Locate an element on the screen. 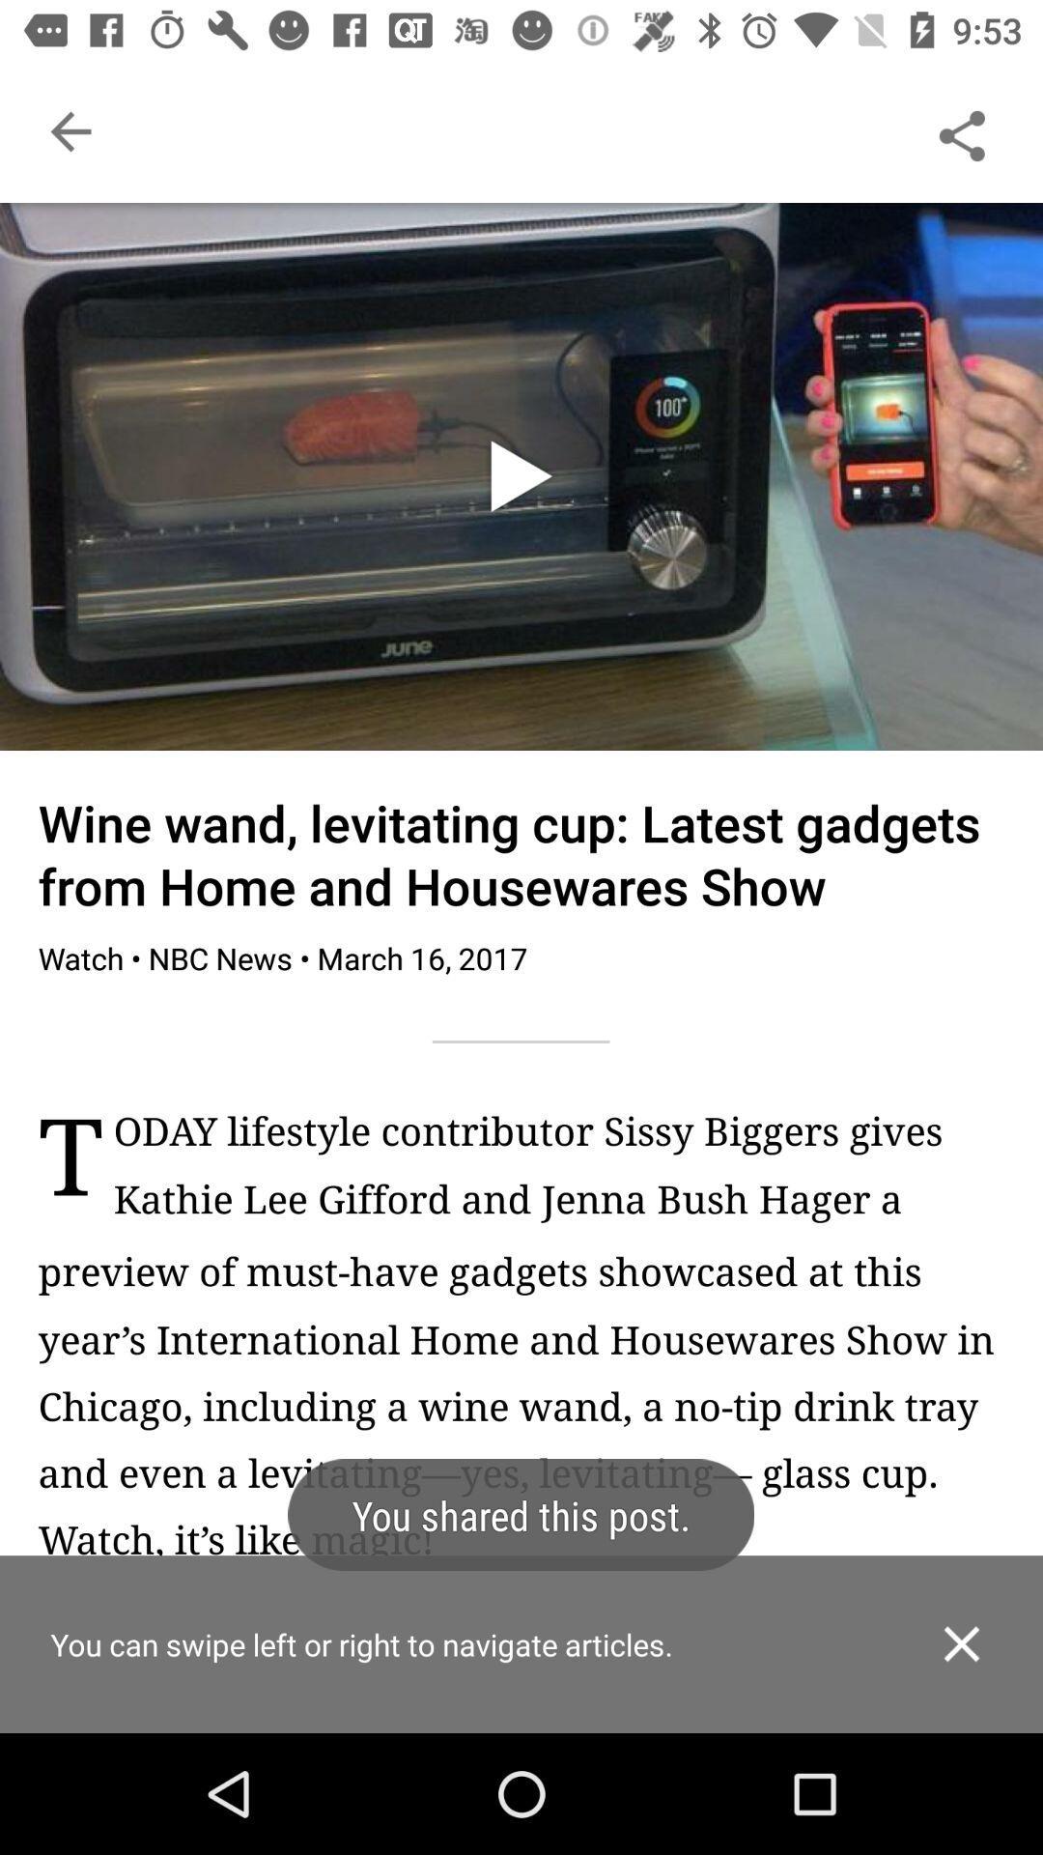  play is located at coordinates (520, 476).